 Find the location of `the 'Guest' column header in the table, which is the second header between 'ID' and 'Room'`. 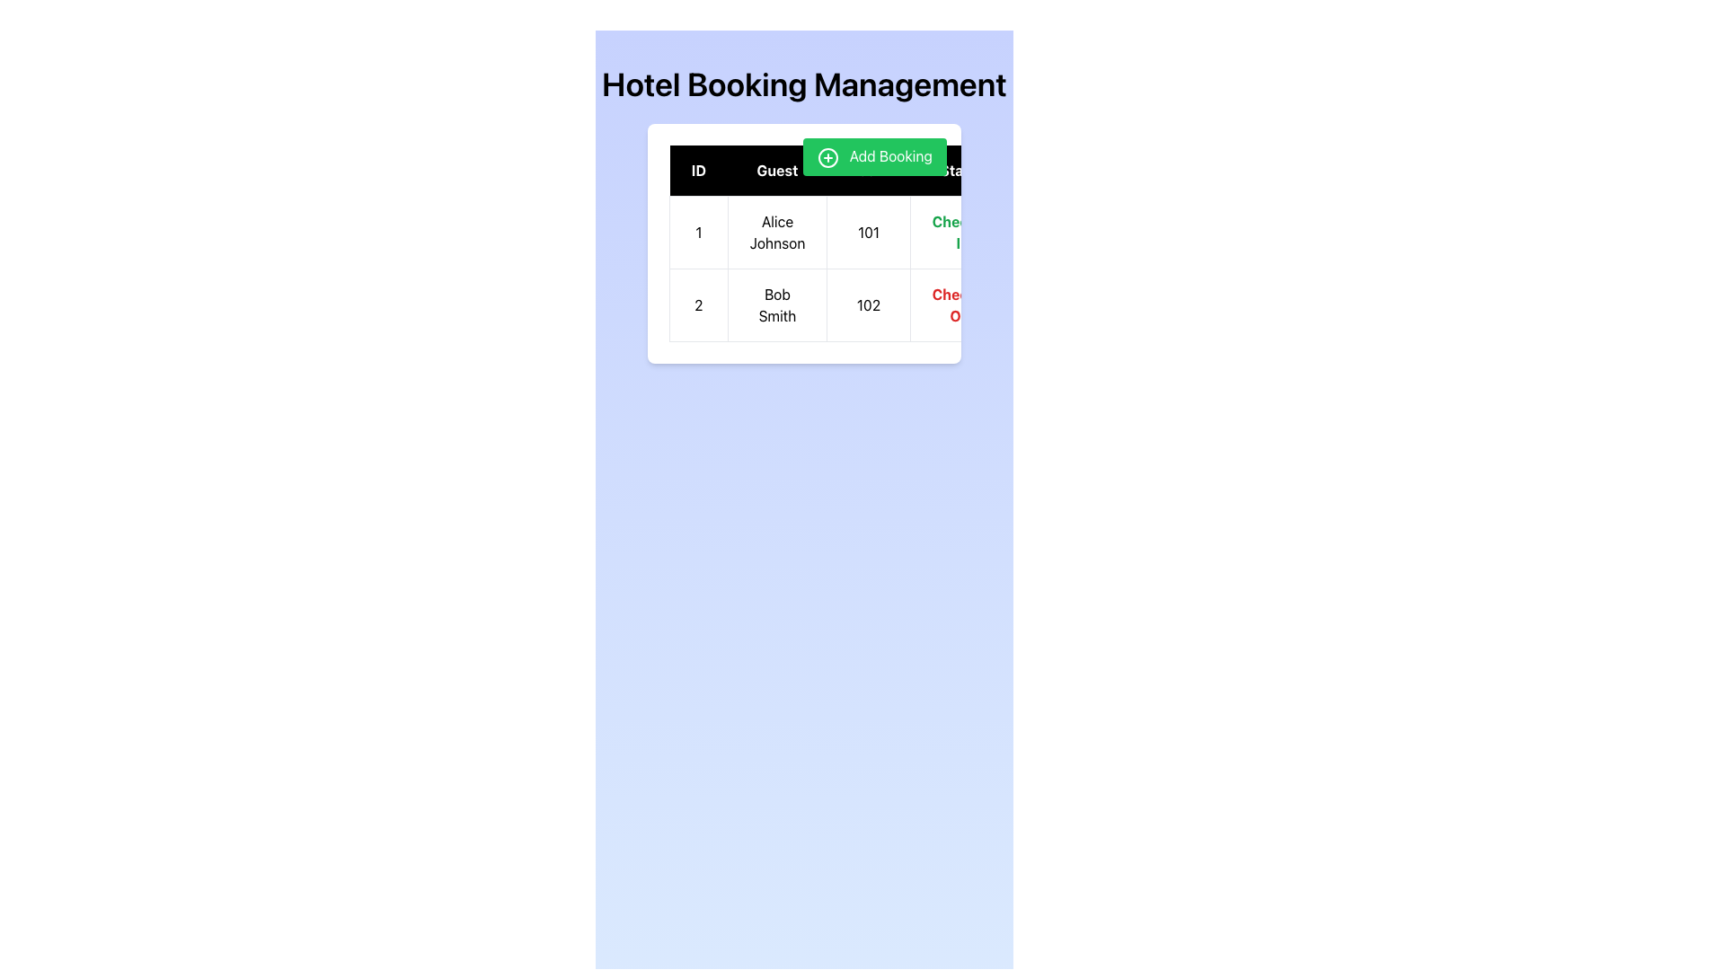

the 'Guest' column header in the table, which is the second header between 'ID' and 'Room' is located at coordinates (777, 171).